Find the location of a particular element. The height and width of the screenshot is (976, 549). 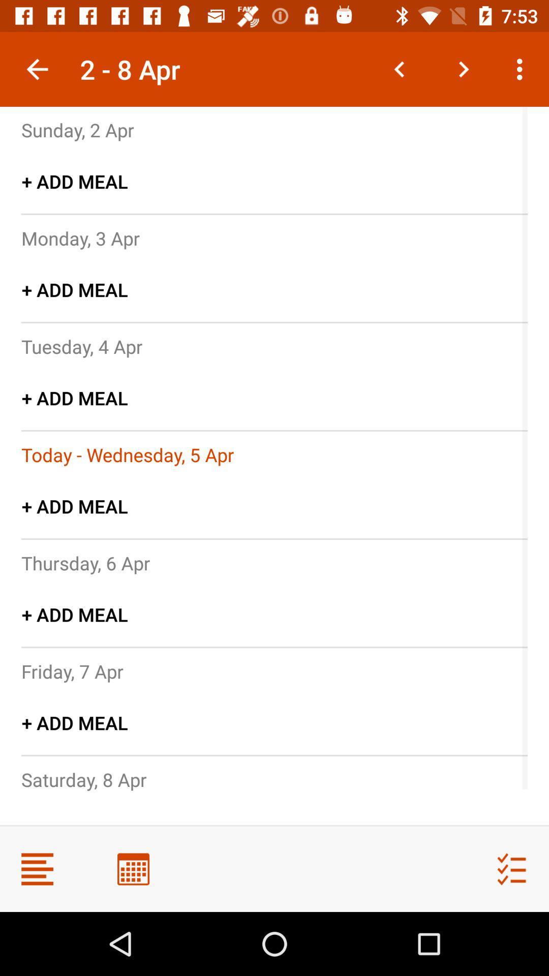

item above + add meal item is located at coordinates (85, 562).